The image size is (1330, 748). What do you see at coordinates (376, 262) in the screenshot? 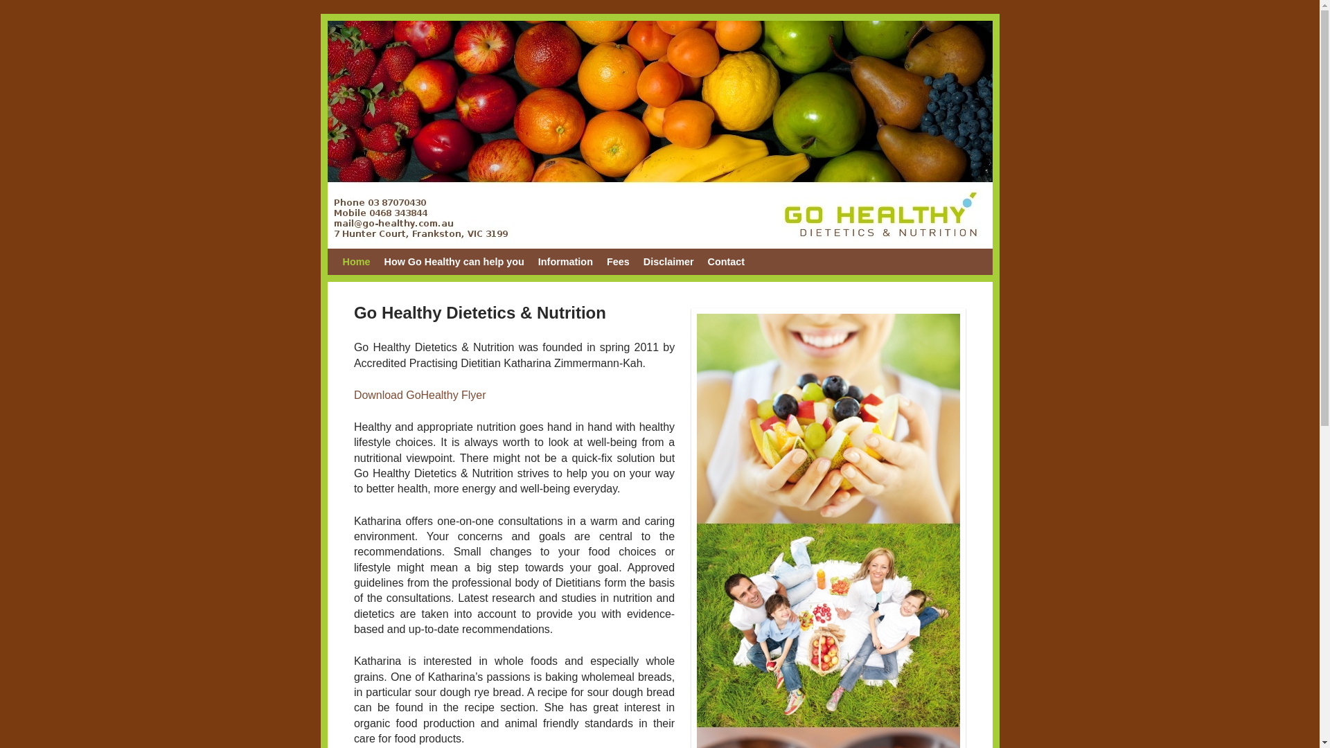
I see `'How Go Healthy can help you'` at bounding box center [376, 262].